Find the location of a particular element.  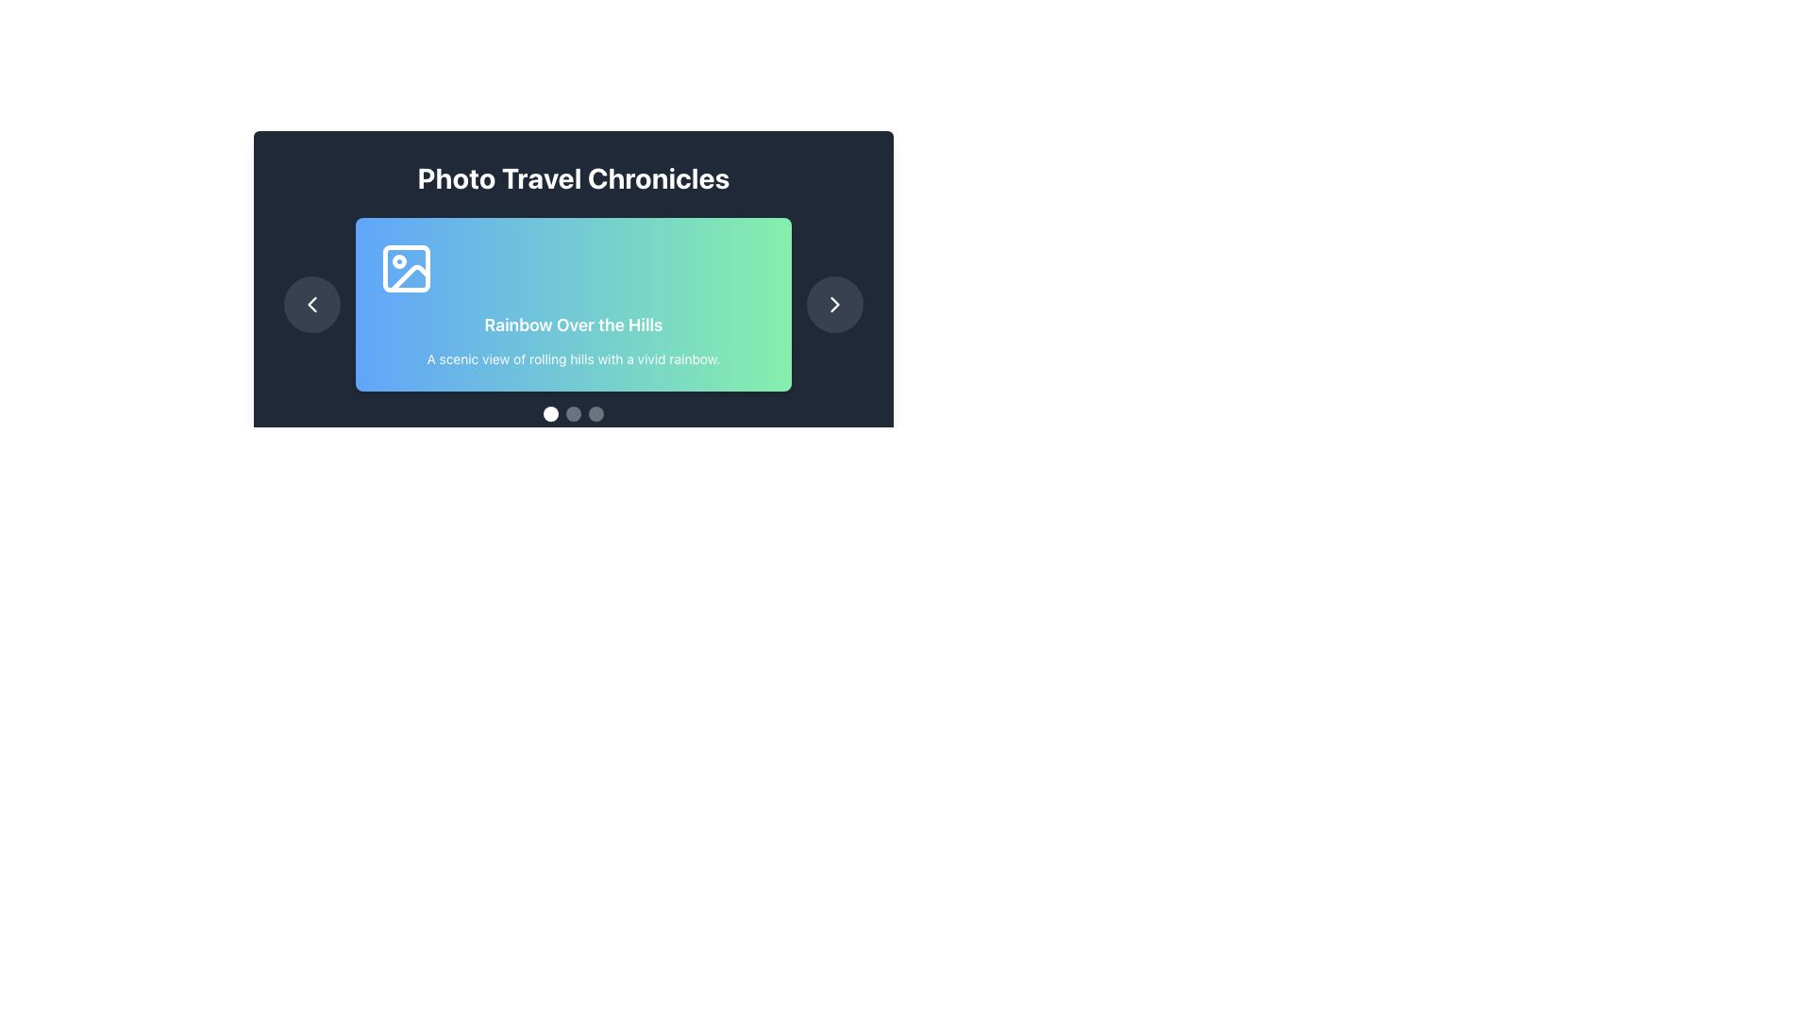

the icon representing an image with a mountain and sun or moon motif, located in the top-left section of the card above the text 'Rainbow Over the Hills' is located at coordinates (406, 269).